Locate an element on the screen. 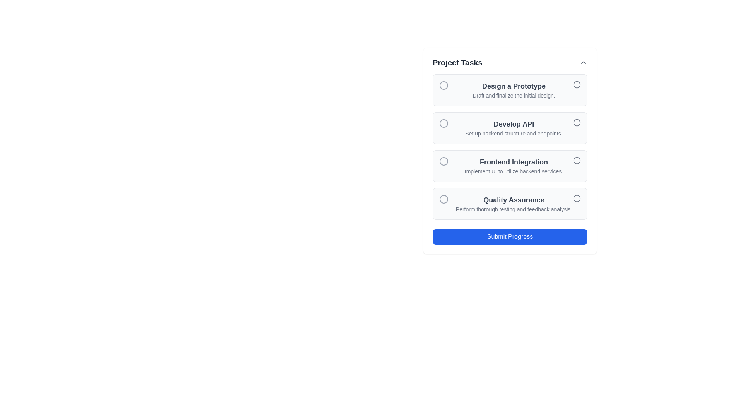 The width and height of the screenshot is (743, 418). the text label reading 'Quality Assurance' which is styled bold, medium-large, and dark gray, positioned in the fourth box of a vertically stacked list of task options is located at coordinates (514, 199).